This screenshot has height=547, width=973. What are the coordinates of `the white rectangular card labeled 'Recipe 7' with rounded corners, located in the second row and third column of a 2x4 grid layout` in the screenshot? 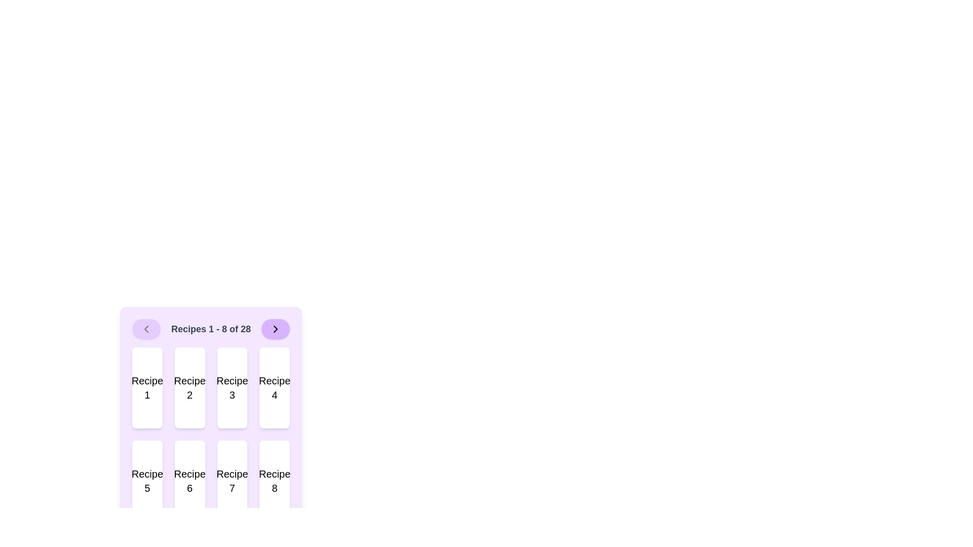 It's located at (232, 480).